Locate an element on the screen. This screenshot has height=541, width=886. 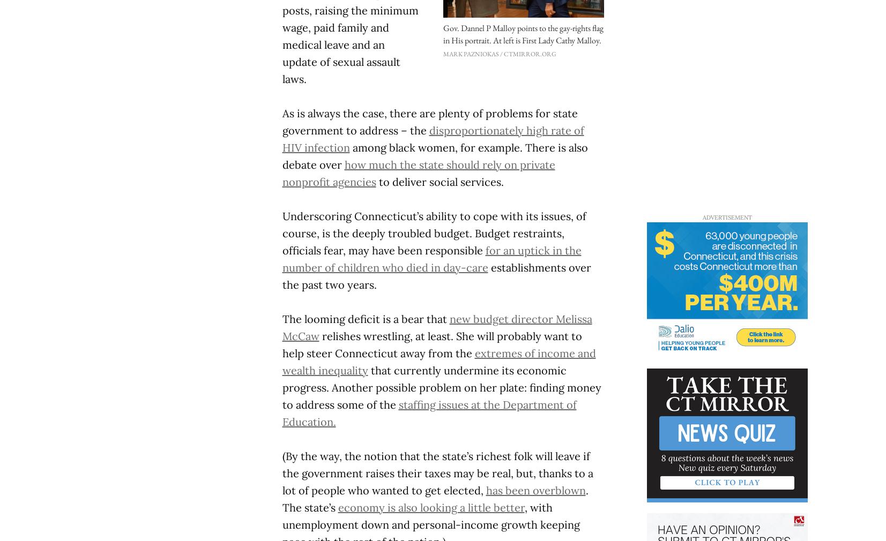
'has been overblown' is located at coordinates (486, 490).